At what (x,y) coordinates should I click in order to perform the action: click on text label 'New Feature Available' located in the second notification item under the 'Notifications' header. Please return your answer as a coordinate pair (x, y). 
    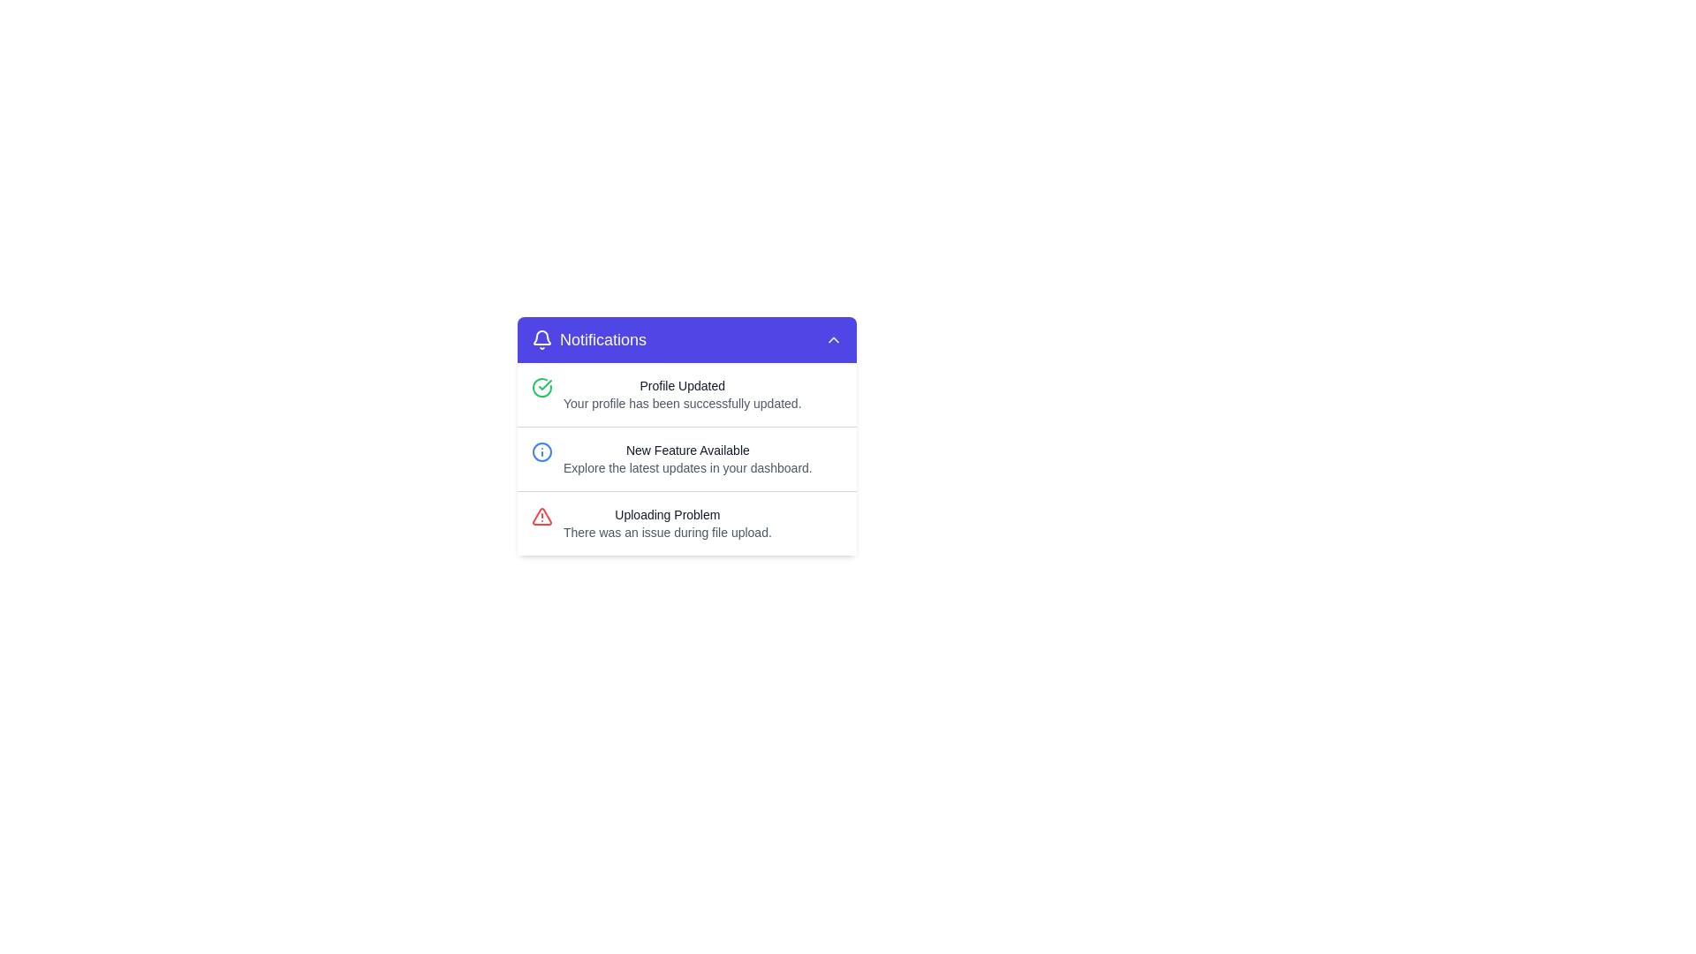
    Looking at the image, I should click on (686, 449).